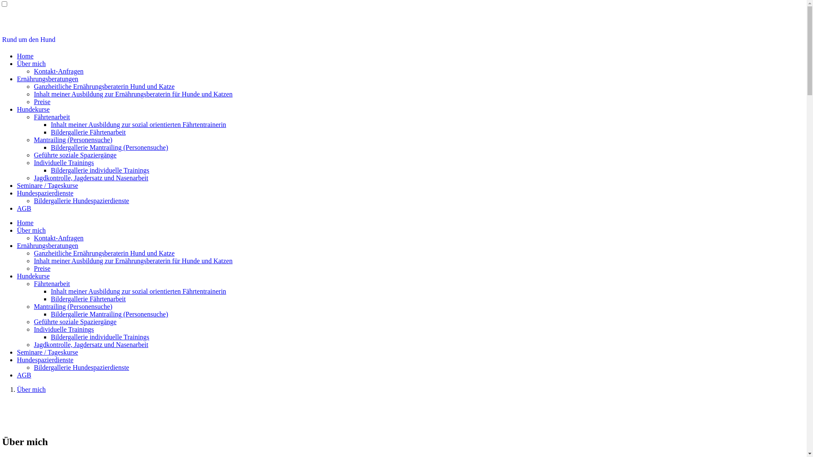 Image resolution: width=813 pixels, height=457 pixels. I want to click on 'Home', so click(25, 222).